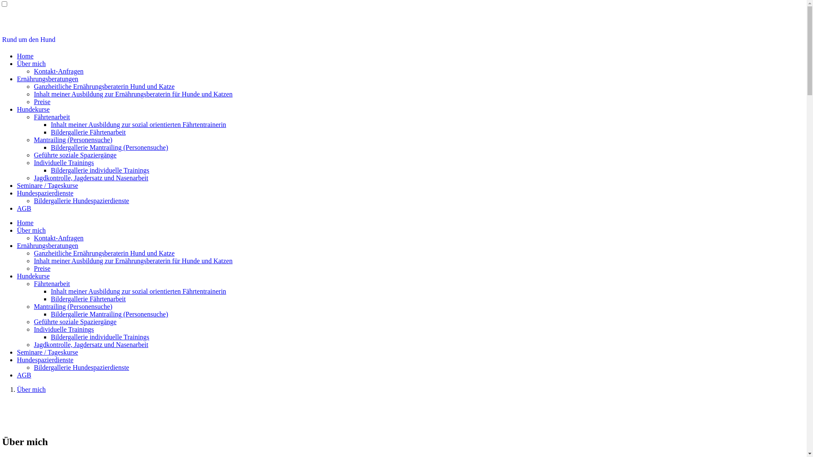 Image resolution: width=813 pixels, height=457 pixels. I want to click on 'Home', so click(25, 222).